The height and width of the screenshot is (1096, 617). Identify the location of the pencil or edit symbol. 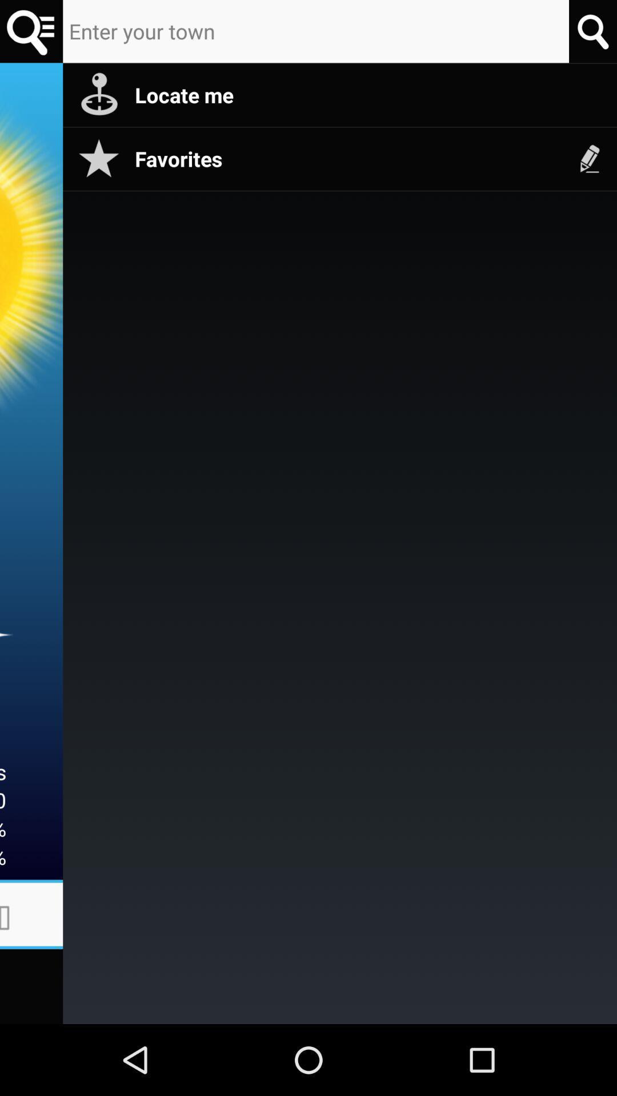
(590, 158).